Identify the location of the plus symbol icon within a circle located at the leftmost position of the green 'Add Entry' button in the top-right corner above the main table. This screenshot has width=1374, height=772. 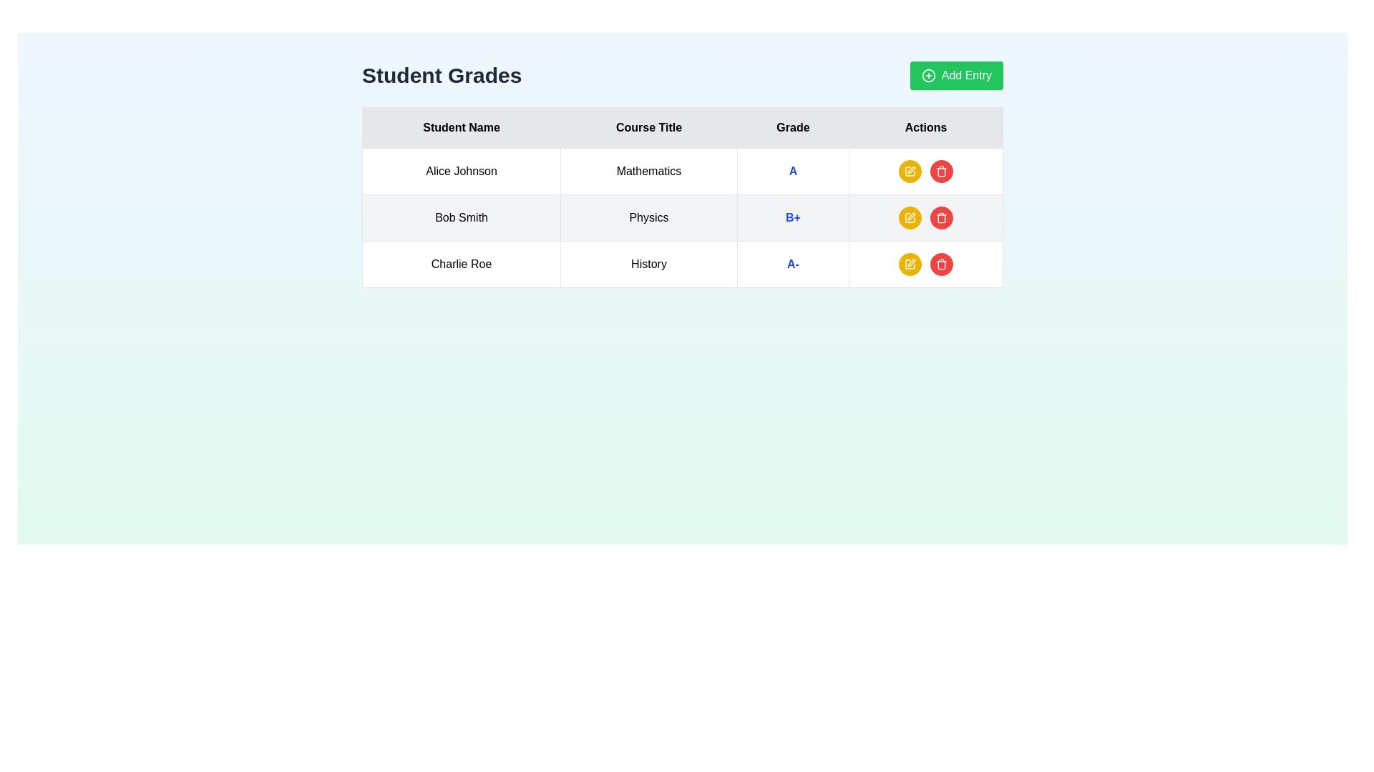
(928, 75).